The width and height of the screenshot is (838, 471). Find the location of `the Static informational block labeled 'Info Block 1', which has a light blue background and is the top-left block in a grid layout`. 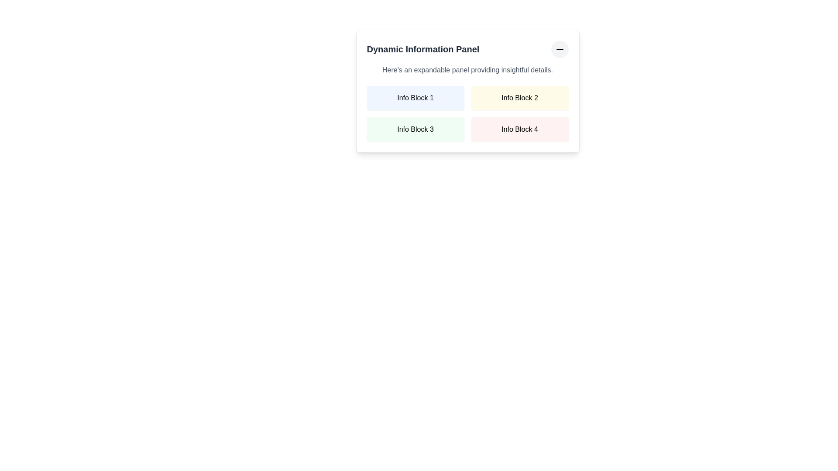

the Static informational block labeled 'Info Block 1', which has a light blue background and is the top-left block in a grid layout is located at coordinates (415, 98).